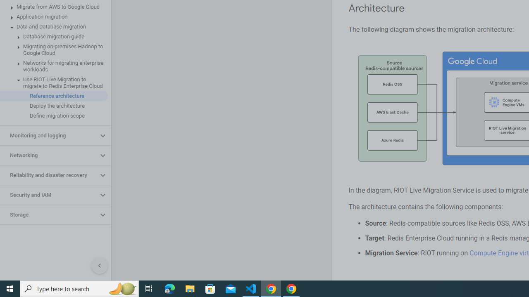  Describe the element at coordinates (53, 49) in the screenshot. I see `'Migrating on-premises Hadoop to Google Cloud'` at that location.